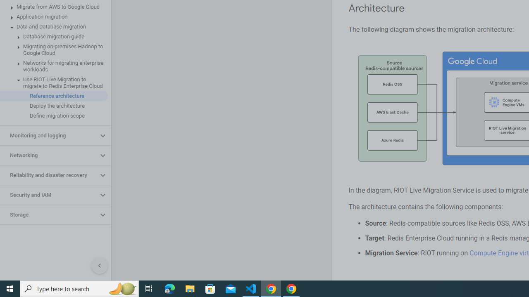  Describe the element at coordinates (53, 49) in the screenshot. I see `'Migrating on-premises Hadoop to Google Cloud'` at that location.